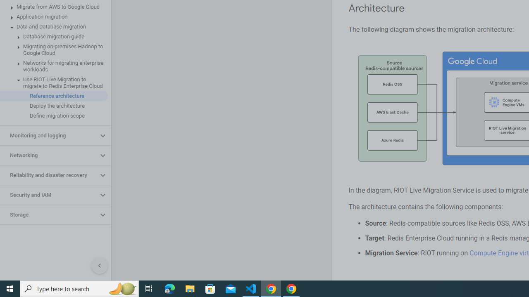  Describe the element at coordinates (53, 49) in the screenshot. I see `'Migrating on-premises Hadoop to Google Cloud'` at that location.